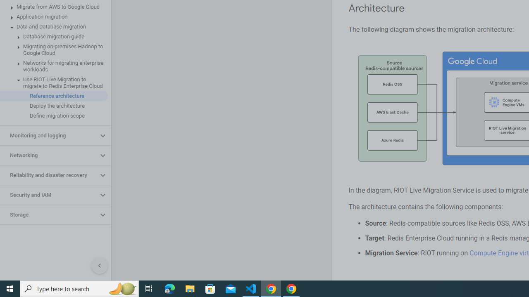  Describe the element at coordinates (53, 49) in the screenshot. I see `'Migrating on-premises Hadoop to Google Cloud'` at that location.